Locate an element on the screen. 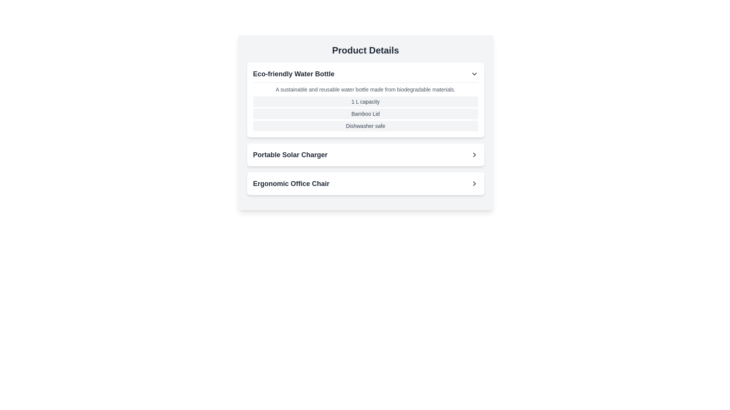 The width and height of the screenshot is (730, 410). the second item in the product details list labeled 'Portable Solar Charger' is located at coordinates (365, 155).